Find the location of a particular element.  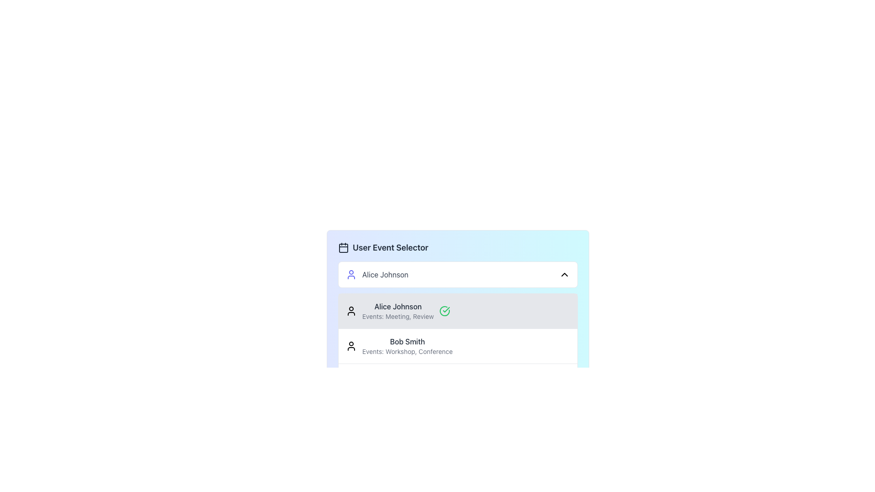

the user icon for 'Bob Smith', which is represented as an SVG graphic to the left of the text describing the user and their events is located at coordinates (351, 346).